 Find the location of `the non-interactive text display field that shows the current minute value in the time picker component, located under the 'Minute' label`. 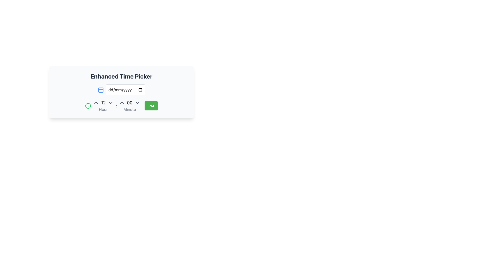

the non-interactive text display field that shows the current minute value in the time picker component, located under the 'Minute' label is located at coordinates (130, 102).